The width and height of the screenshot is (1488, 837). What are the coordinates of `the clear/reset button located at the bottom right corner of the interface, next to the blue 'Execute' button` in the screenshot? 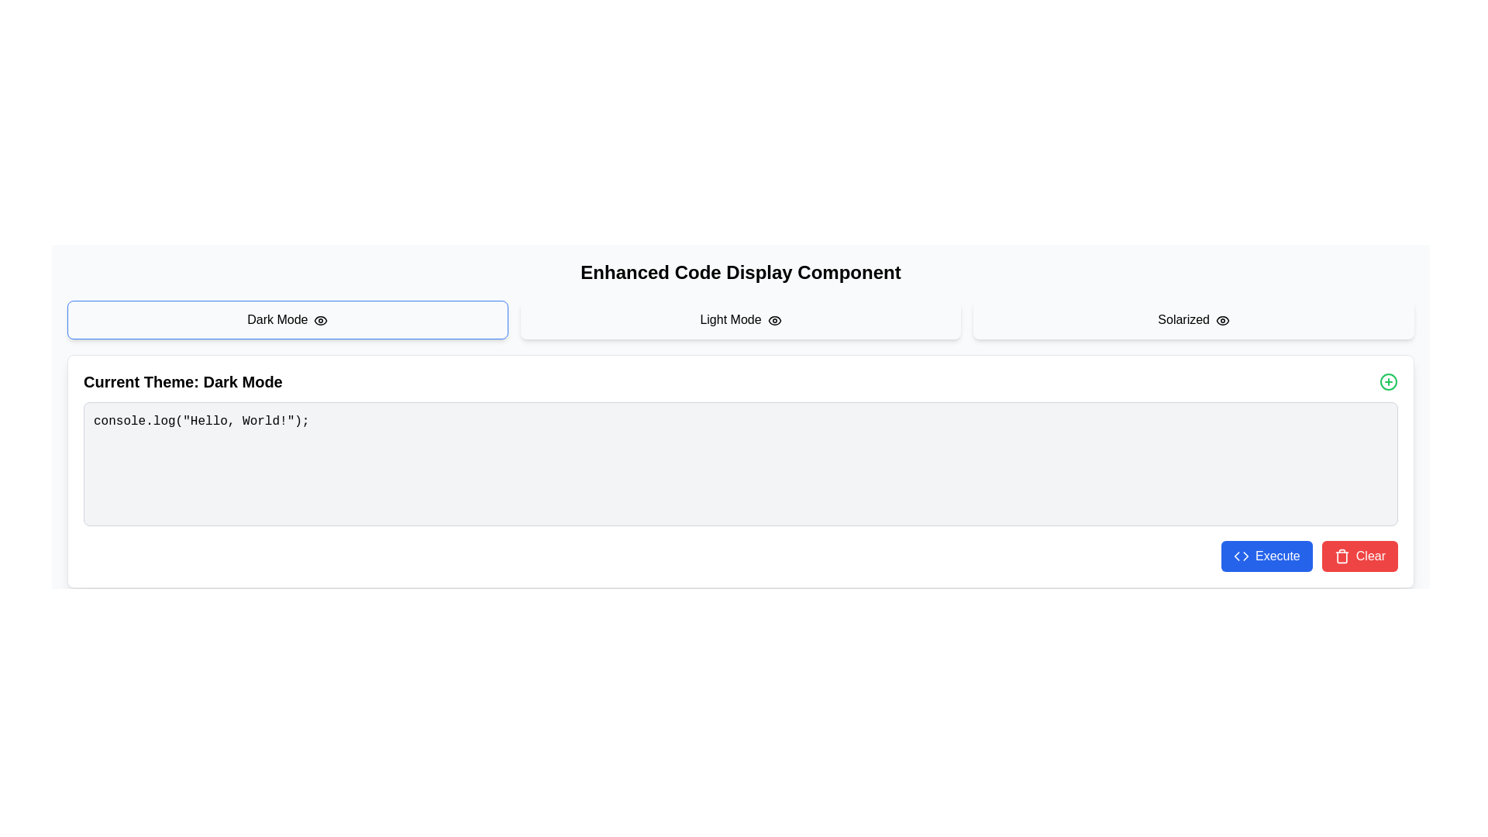 It's located at (1359, 555).